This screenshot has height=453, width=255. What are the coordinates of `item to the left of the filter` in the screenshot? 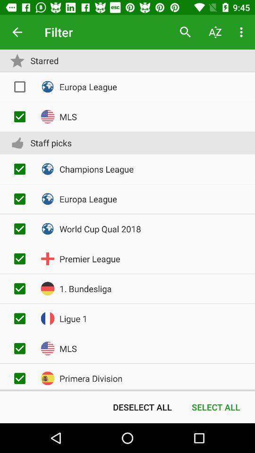 It's located at (17, 32).